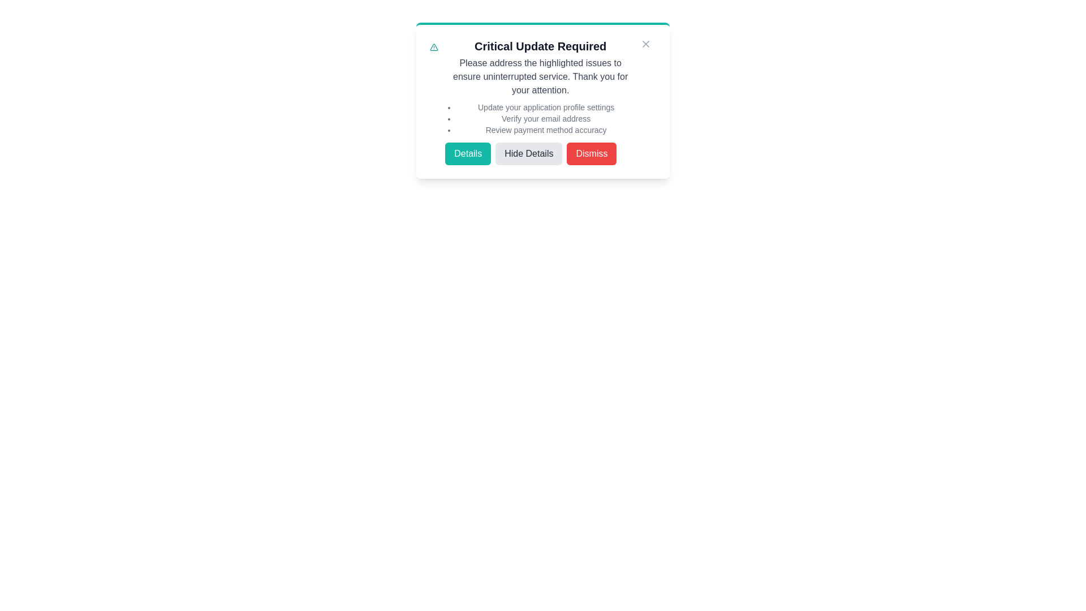 This screenshot has width=1086, height=611. What do you see at coordinates (646, 43) in the screenshot?
I see `the Close button located in the top-right corner of the modal dialog box` at bounding box center [646, 43].